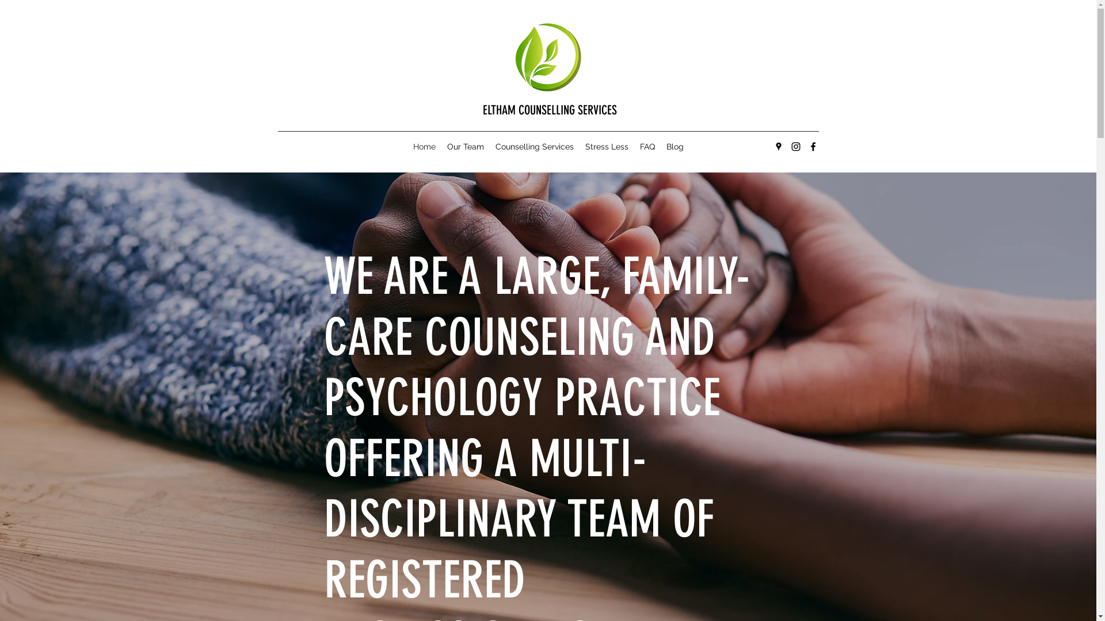  Describe the element at coordinates (533, 145) in the screenshot. I see `'Counselling Services'` at that location.